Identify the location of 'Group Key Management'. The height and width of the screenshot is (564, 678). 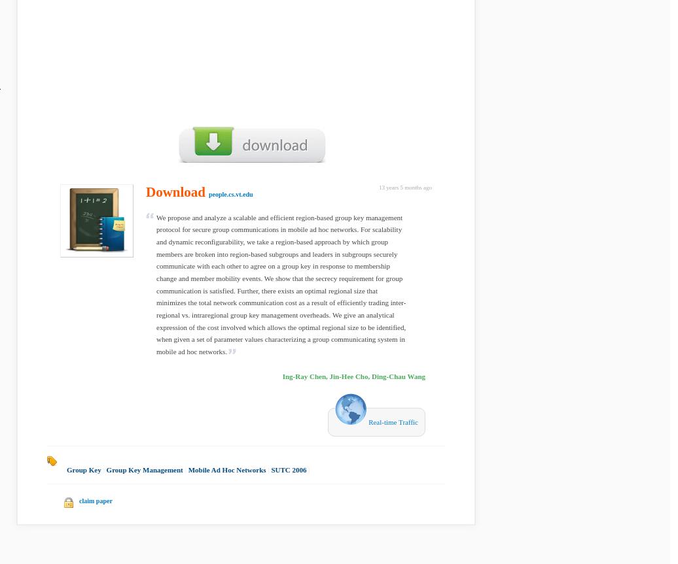
(144, 469).